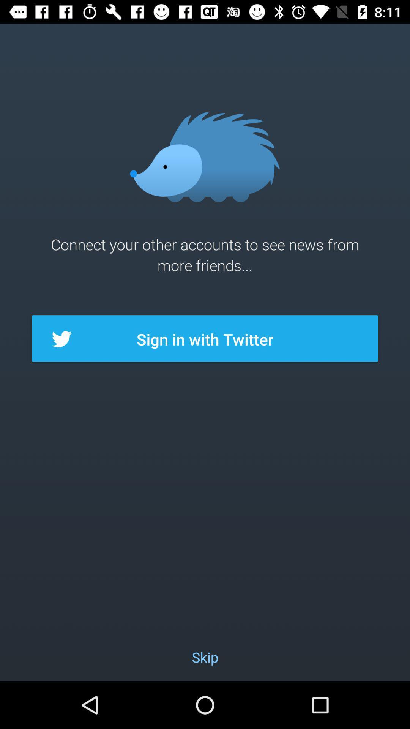  What do you see at coordinates (205, 657) in the screenshot?
I see `skip item` at bounding box center [205, 657].